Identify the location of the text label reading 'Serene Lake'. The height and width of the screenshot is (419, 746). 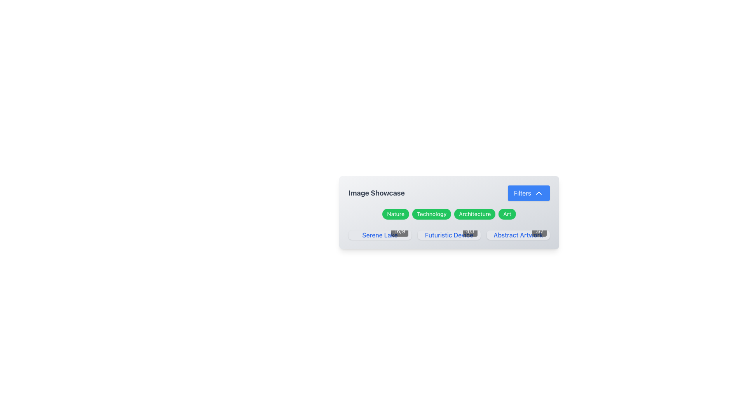
(380, 234).